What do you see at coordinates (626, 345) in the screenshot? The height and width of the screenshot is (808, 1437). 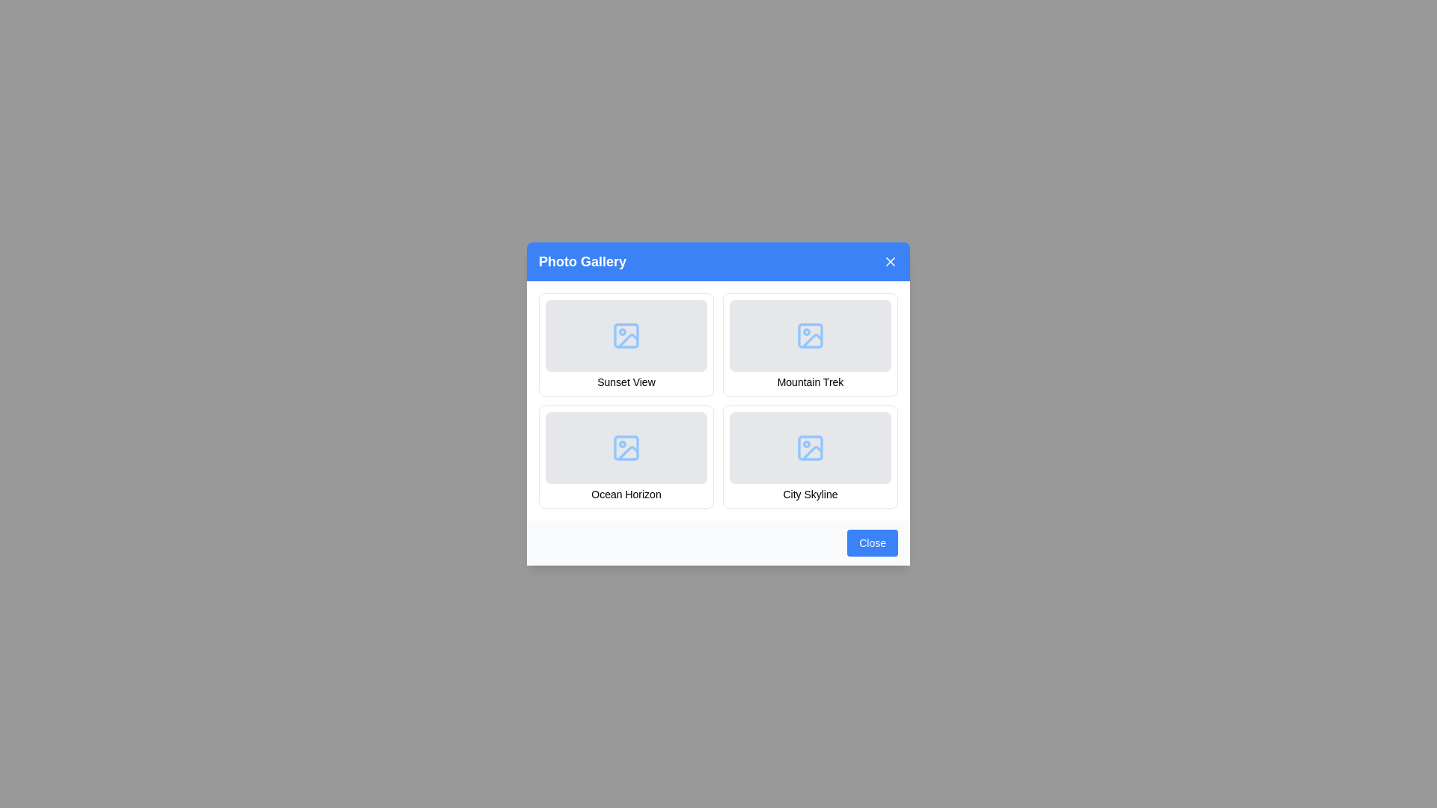 I see `the selectable grid item representing the 'Sunset View' theme` at bounding box center [626, 345].